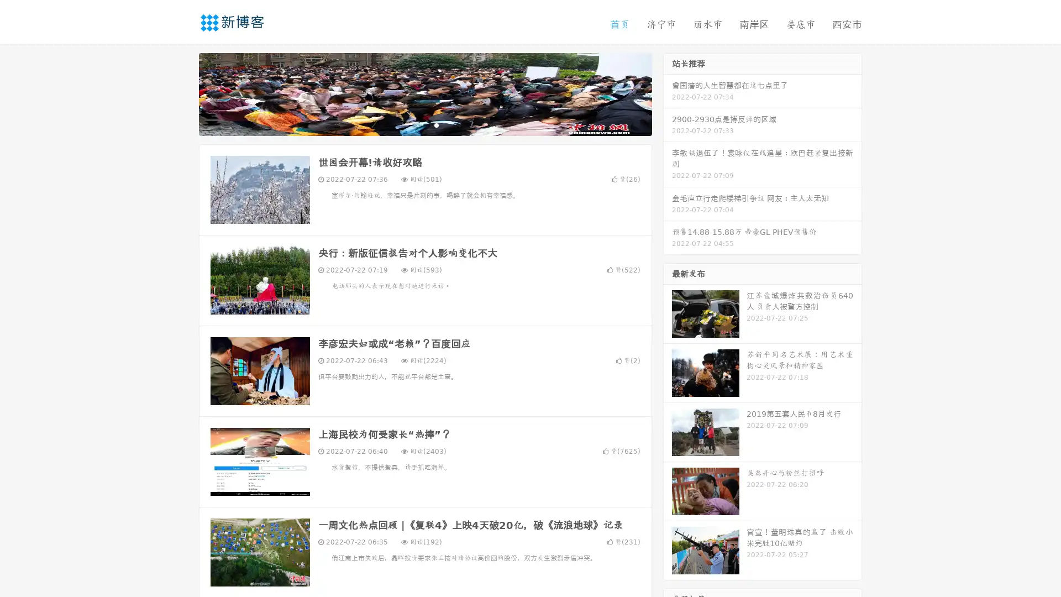 The height and width of the screenshot is (597, 1061). What do you see at coordinates (668, 93) in the screenshot?
I see `Next slide` at bounding box center [668, 93].